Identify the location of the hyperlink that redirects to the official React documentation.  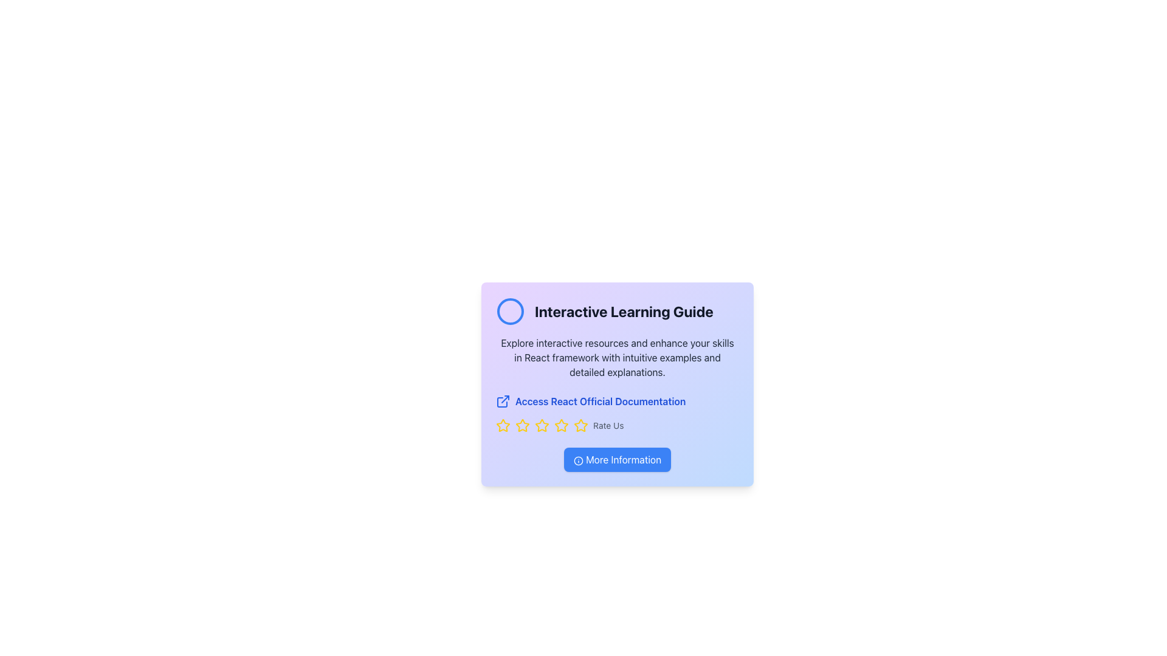
(601, 401).